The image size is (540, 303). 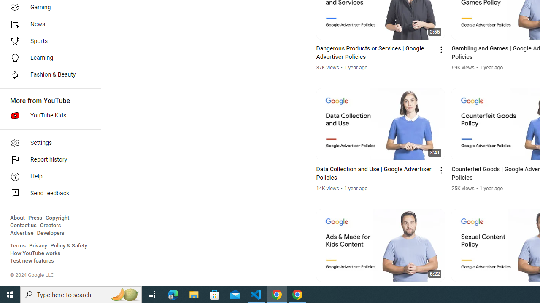 I want to click on 'Policy & Safety', so click(x=69, y=246).